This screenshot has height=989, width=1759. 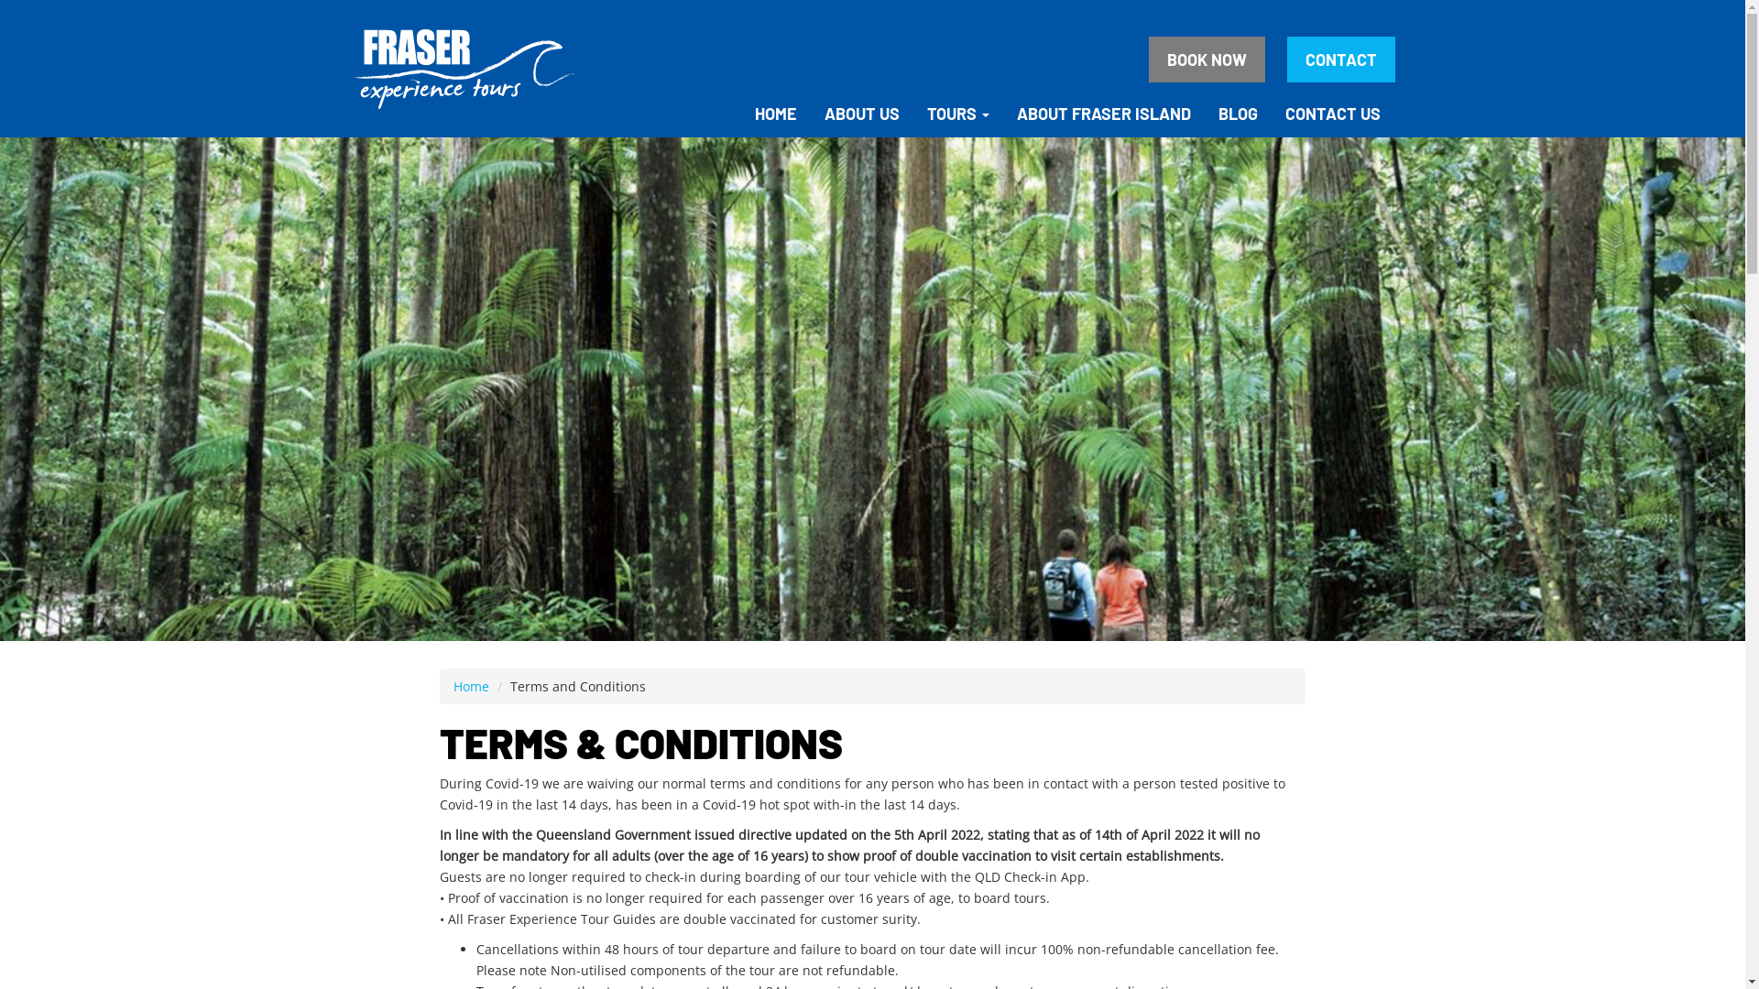 I want to click on 'BOOK NOW', so click(x=1207, y=59).